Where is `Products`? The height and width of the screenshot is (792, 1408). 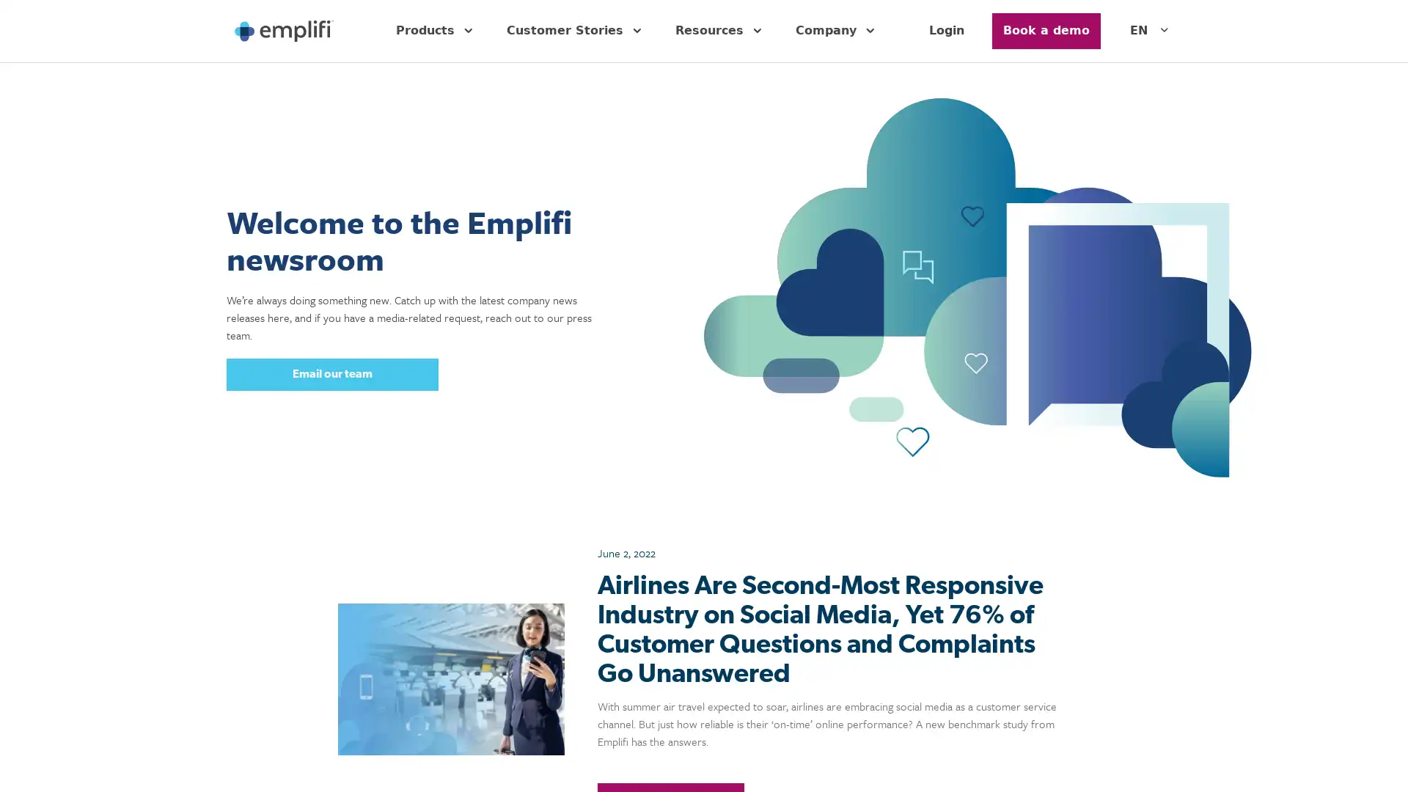
Products is located at coordinates (436, 31).